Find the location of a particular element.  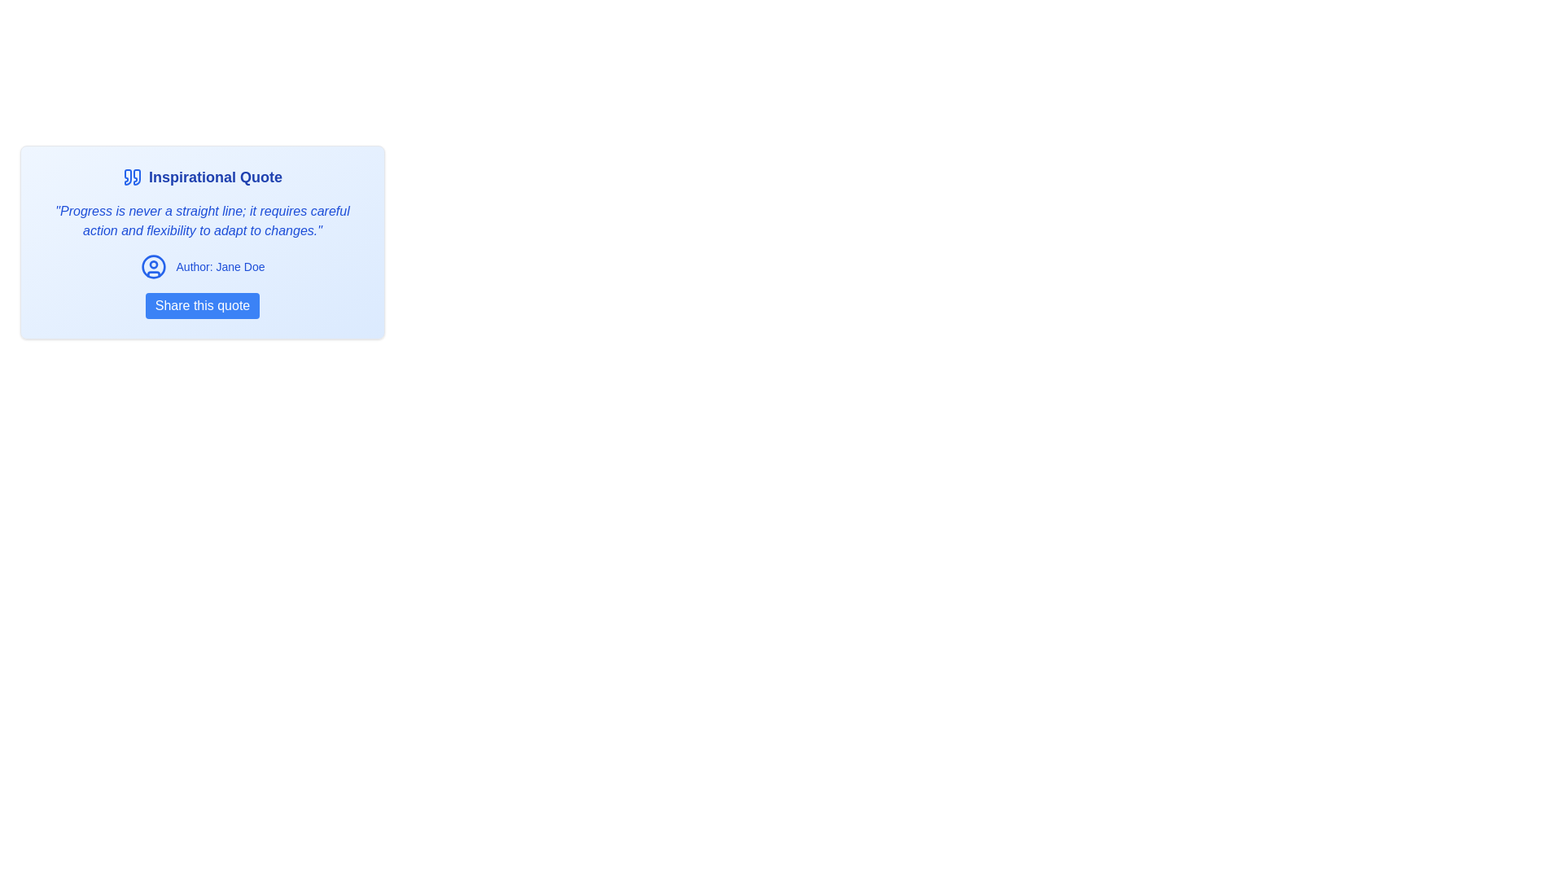

the circular user profile icon with a blue stroke outline, which is the first graphical component in the SVG representing a user avatar is located at coordinates (153, 265).